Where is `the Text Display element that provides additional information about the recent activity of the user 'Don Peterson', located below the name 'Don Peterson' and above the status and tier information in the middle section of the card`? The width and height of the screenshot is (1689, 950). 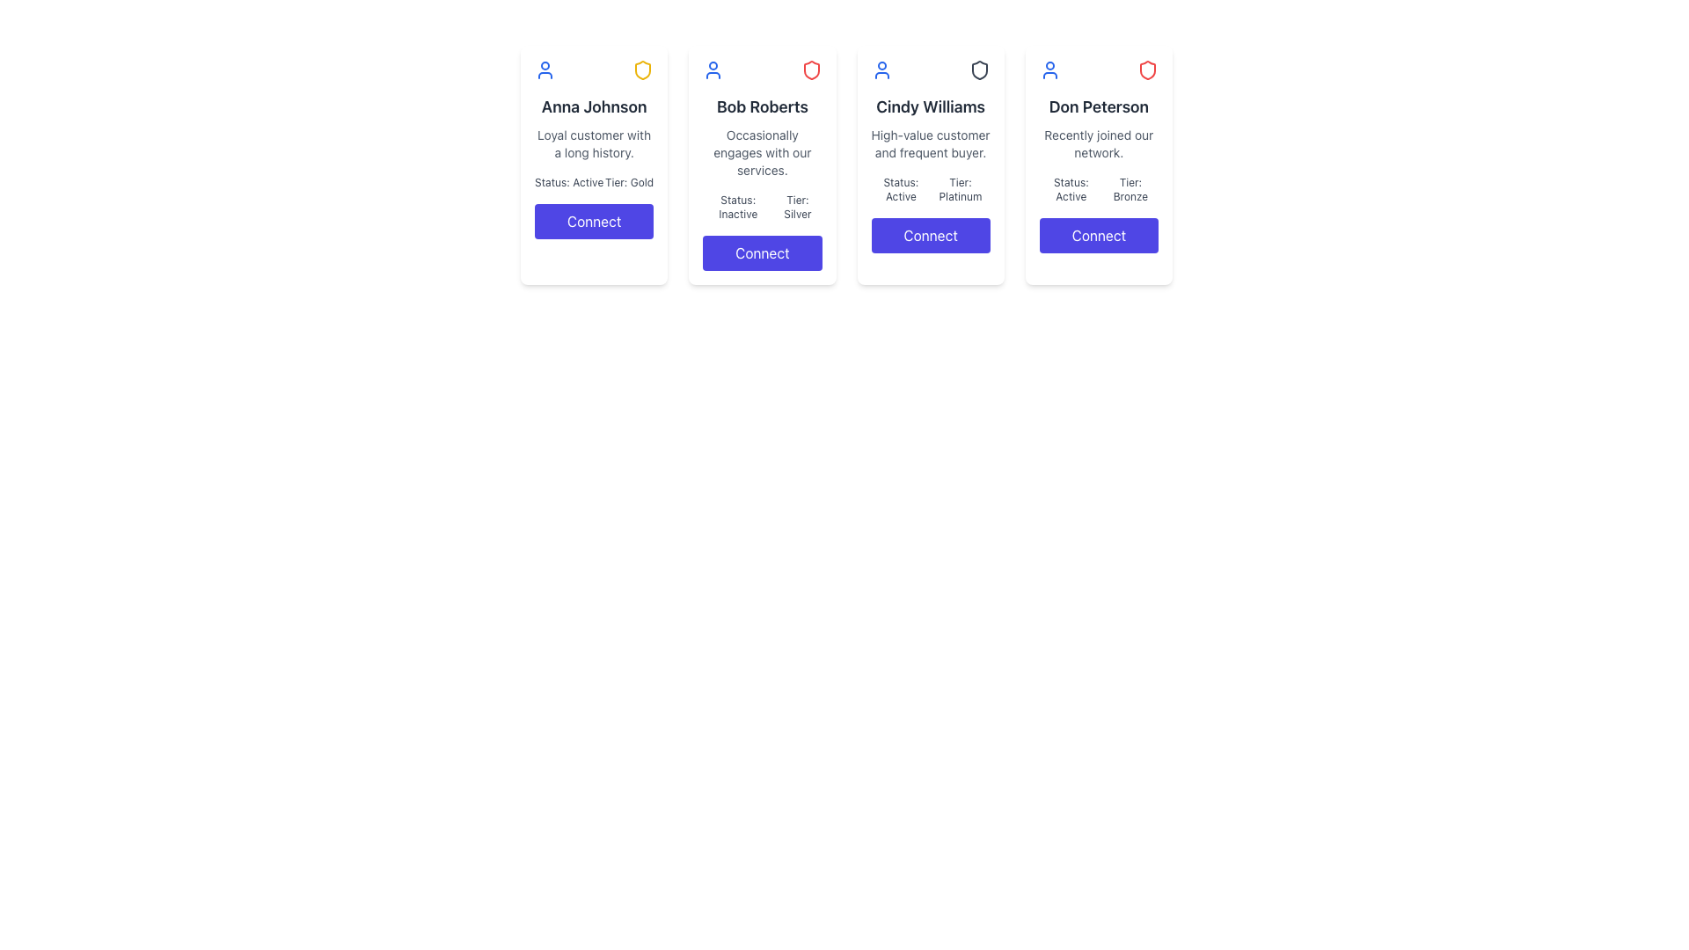 the Text Display element that provides additional information about the recent activity of the user 'Don Peterson', located below the name 'Don Peterson' and above the status and tier information in the middle section of the card is located at coordinates (1098, 143).